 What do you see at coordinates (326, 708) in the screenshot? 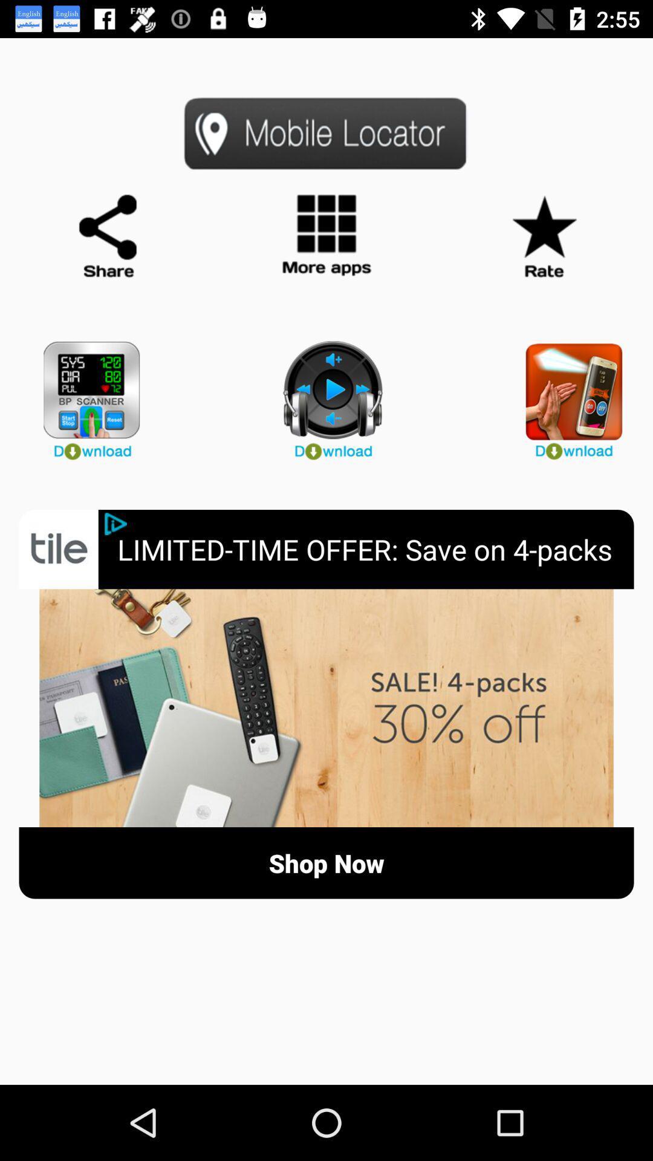
I see `open sale information` at bounding box center [326, 708].